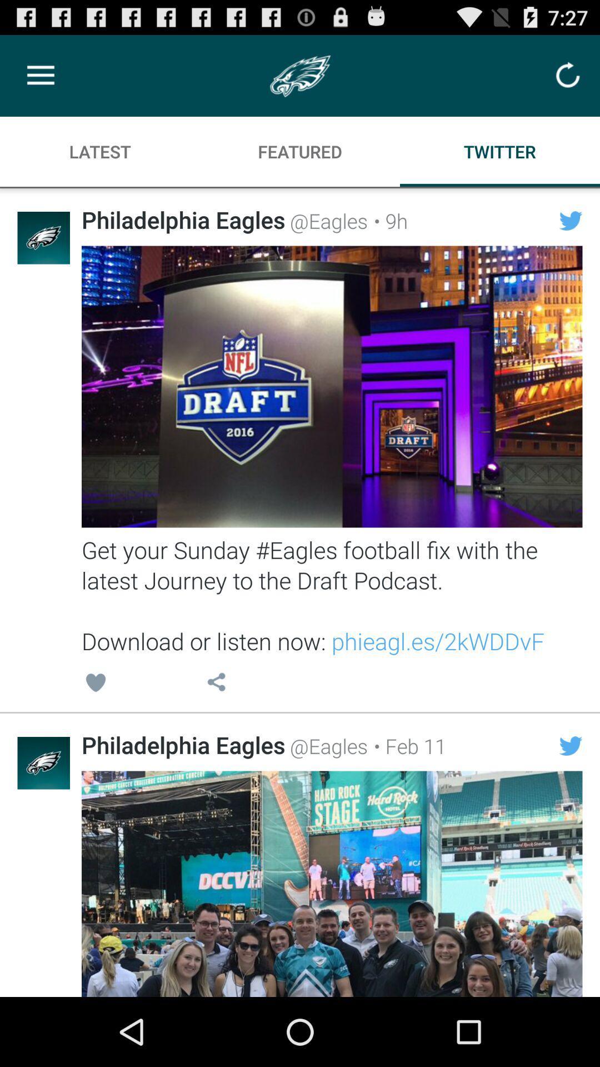 The height and width of the screenshot is (1067, 600). What do you see at coordinates (407, 746) in the screenshot?
I see `the item next to the @eagles icon` at bounding box center [407, 746].